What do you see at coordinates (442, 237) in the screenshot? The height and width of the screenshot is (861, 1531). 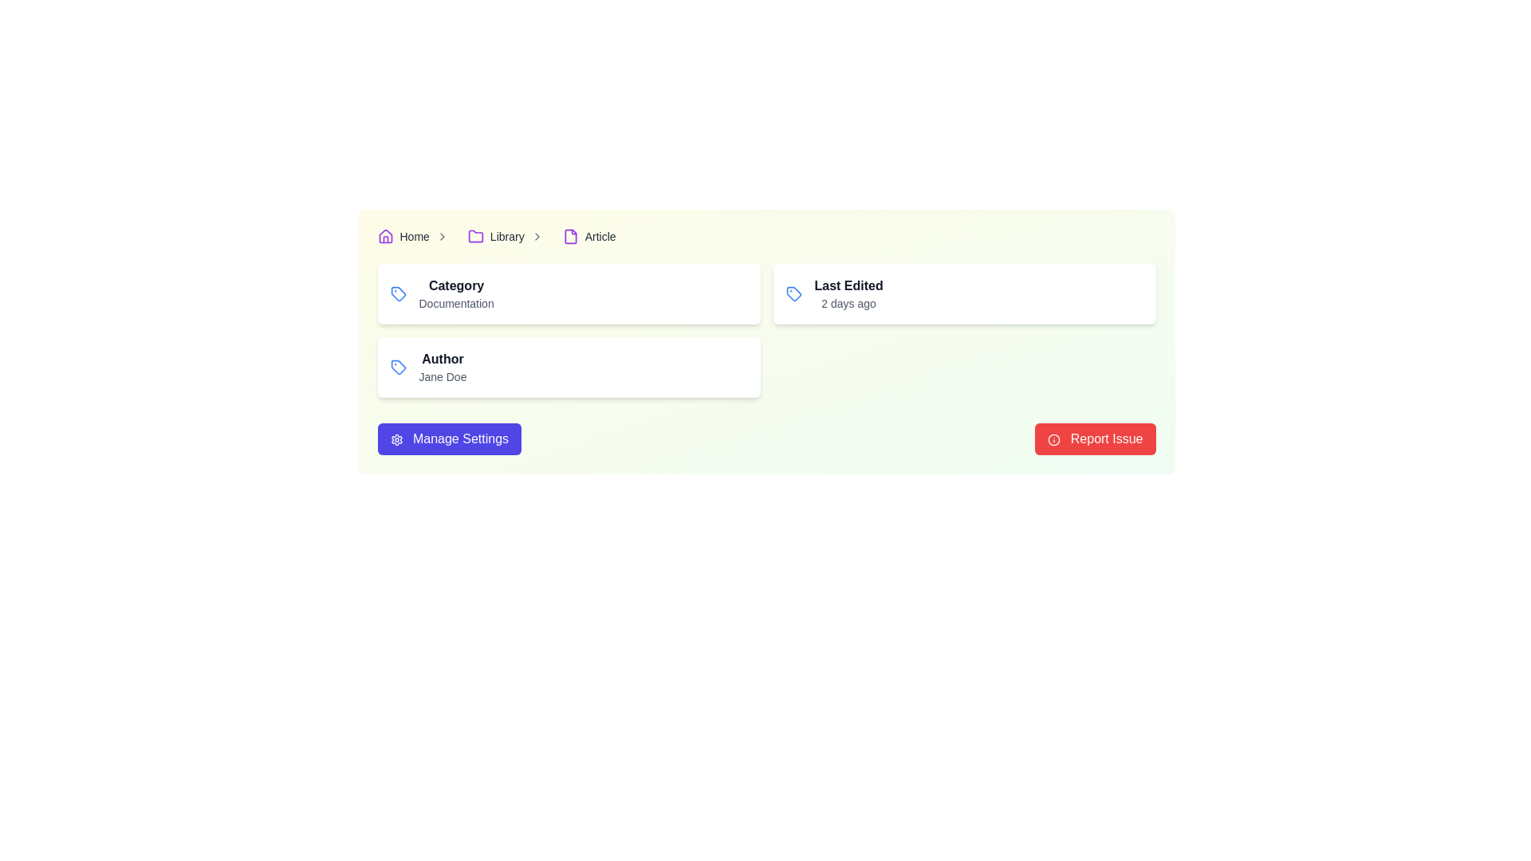 I see `the breadcrumb divider icon located to the right of the 'Home' link, which visually indicates the hierarchical separation between breadcrumb levels` at bounding box center [442, 237].